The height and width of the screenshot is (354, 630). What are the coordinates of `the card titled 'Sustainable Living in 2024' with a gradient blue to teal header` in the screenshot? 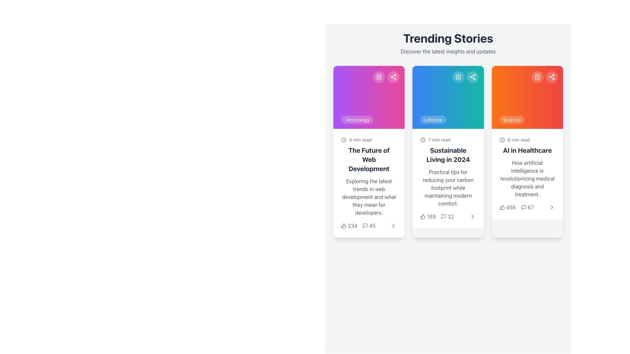 It's located at (448, 151).